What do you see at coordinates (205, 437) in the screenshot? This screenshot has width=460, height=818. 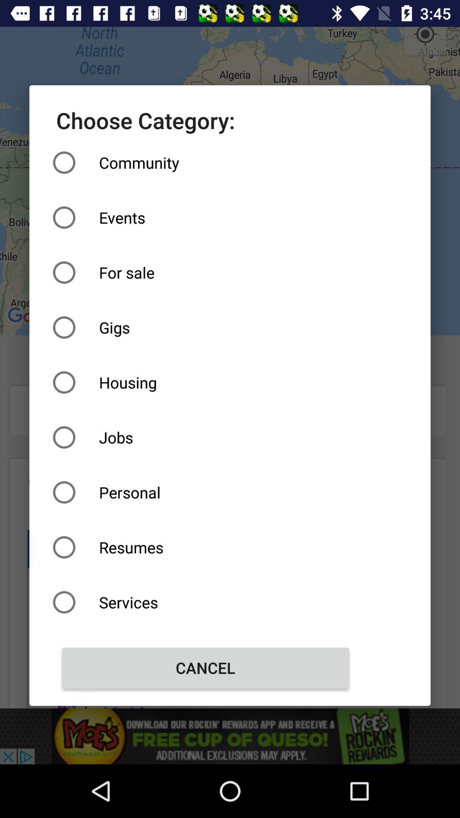 I see `icon below the housing item` at bounding box center [205, 437].